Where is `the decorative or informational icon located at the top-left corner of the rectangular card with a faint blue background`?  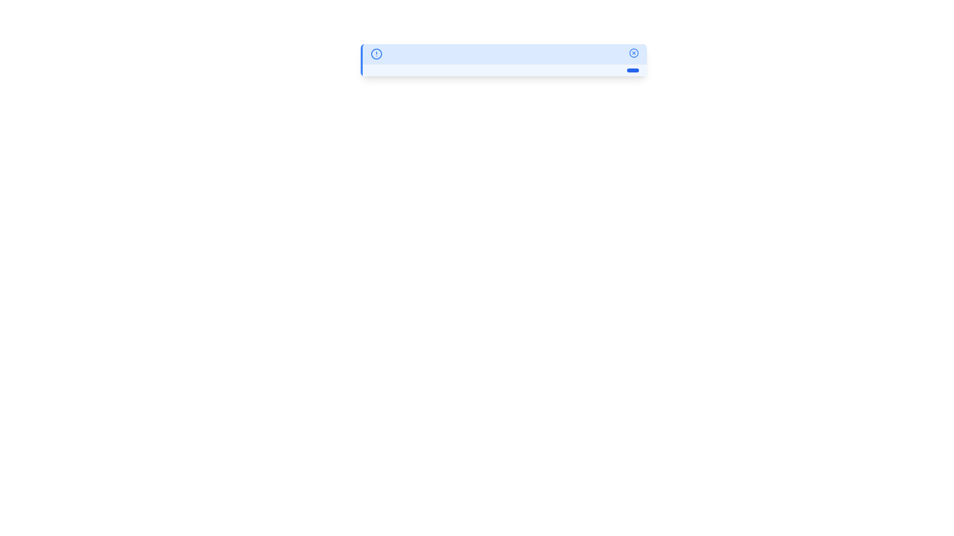
the decorative or informational icon located at the top-left corner of the rectangular card with a faint blue background is located at coordinates (376, 54).